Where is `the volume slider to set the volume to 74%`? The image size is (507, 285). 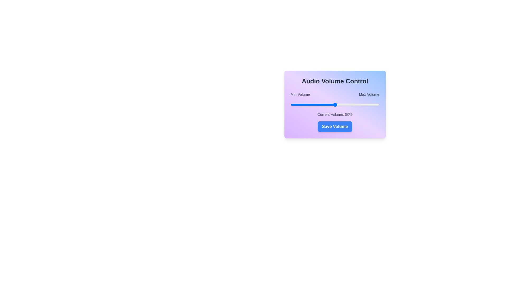
the volume slider to set the volume to 74% is located at coordinates (356, 105).